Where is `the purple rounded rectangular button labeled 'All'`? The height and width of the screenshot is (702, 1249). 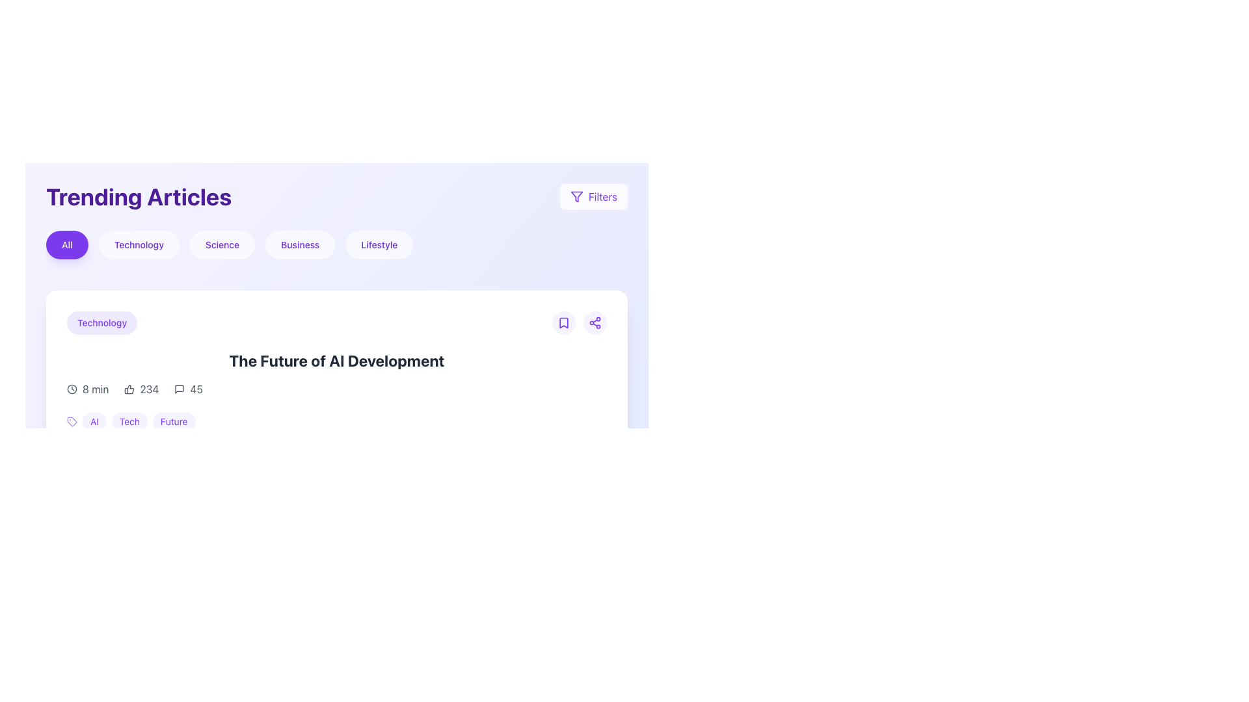 the purple rounded rectangular button labeled 'All' is located at coordinates (66, 245).